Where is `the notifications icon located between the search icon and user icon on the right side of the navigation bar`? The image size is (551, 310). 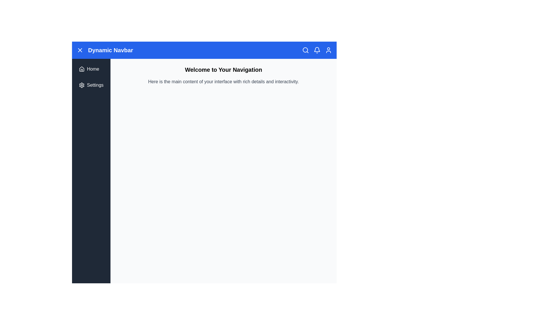 the notifications icon located between the search icon and user icon on the right side of the navigation bar is located at coordinates (317, 50).